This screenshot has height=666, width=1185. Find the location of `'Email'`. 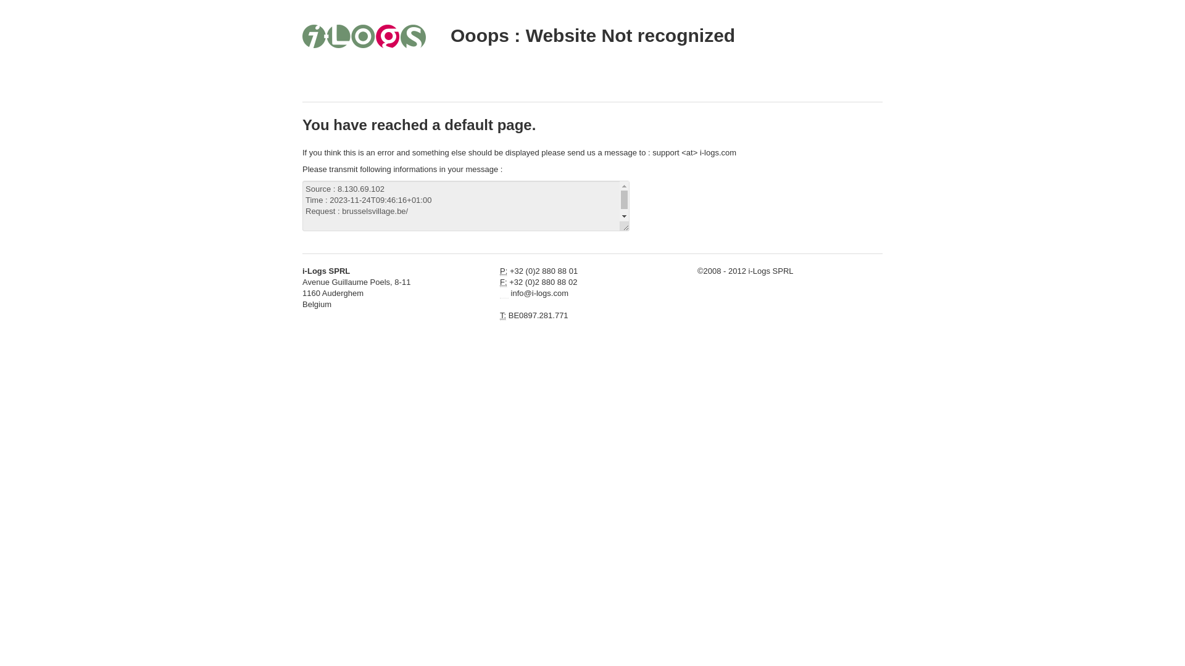

'Email' is located at coordinates (500, 293).